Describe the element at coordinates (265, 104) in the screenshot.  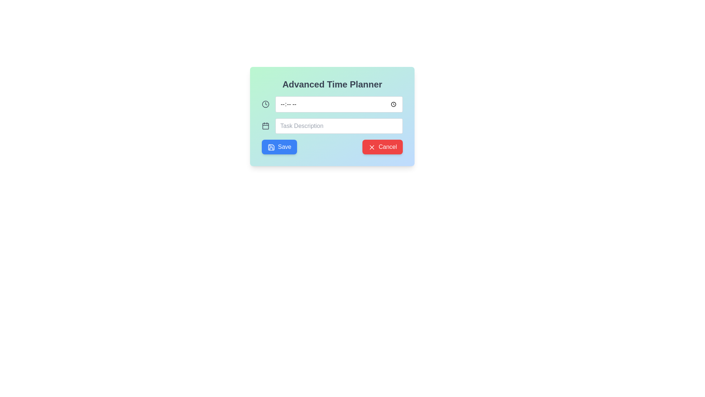
I see `the decorative SVG circle graphic representing the clock's outline, located to the right of the text input box labeled '--:--'` at that location.